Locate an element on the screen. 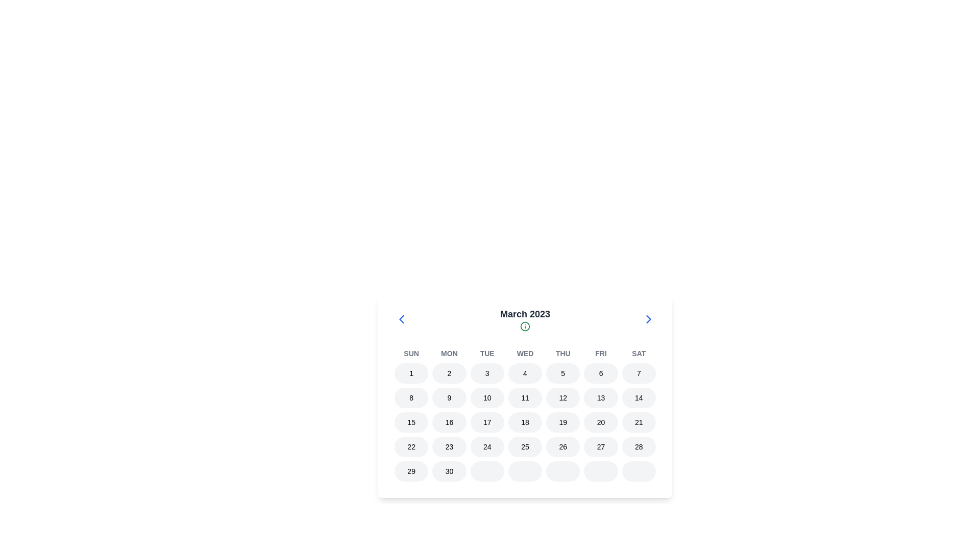 This screenshot has height=551, width=980. the information icon located below the text 'March 2023' is located at coordinates (525, 318).